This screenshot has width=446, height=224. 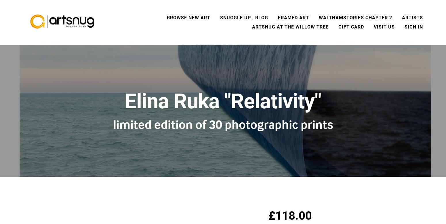 What do you see at coordinates (290, 215) in the screenshot?
I see `'£118.00'` at bounding box center [290, 215].